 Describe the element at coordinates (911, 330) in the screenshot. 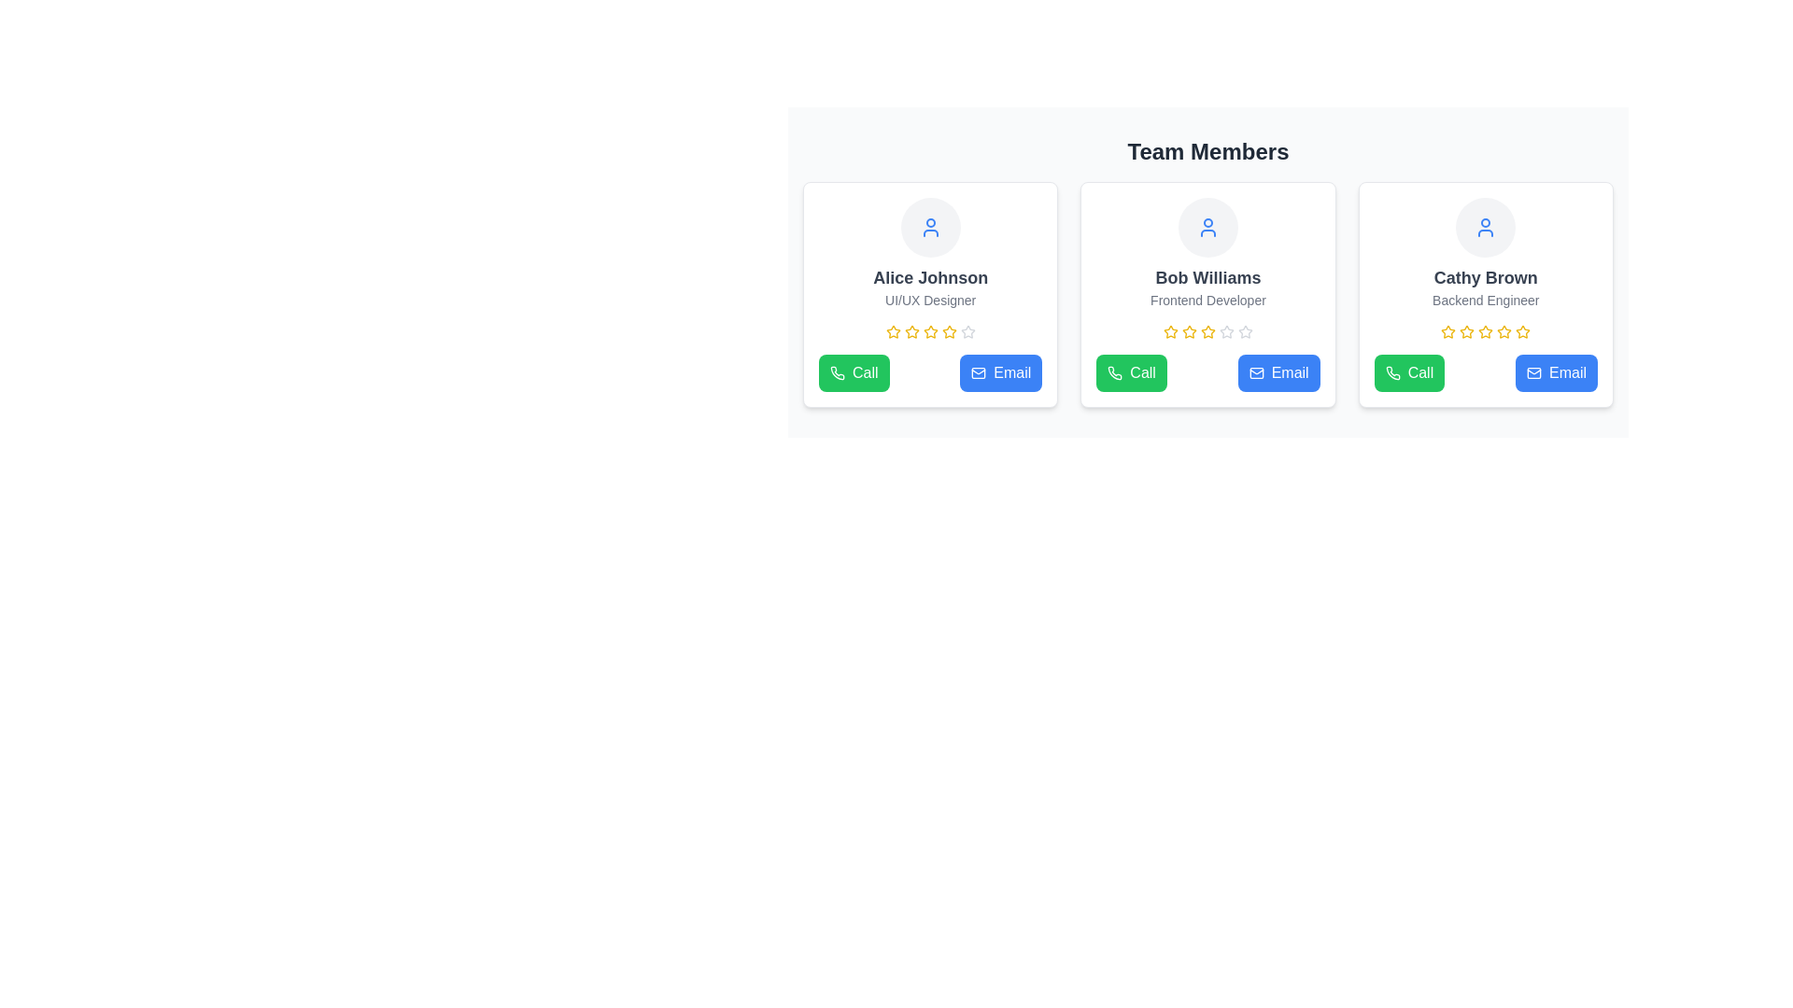

I see `the third star in the rating system under the 'Alice Johnson' contact card` at that location.